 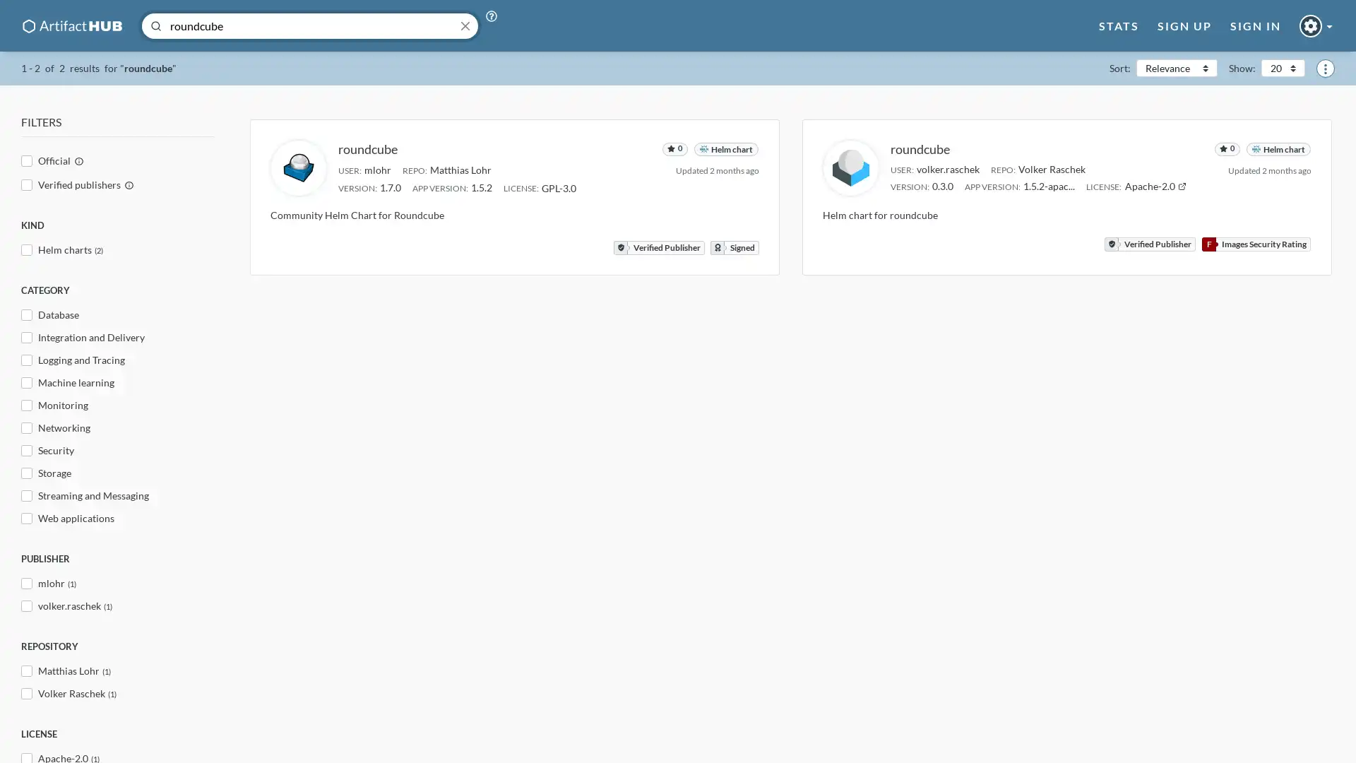 I want to click on Filter by repo Matthias Lohr, so click(x=460, y=168).